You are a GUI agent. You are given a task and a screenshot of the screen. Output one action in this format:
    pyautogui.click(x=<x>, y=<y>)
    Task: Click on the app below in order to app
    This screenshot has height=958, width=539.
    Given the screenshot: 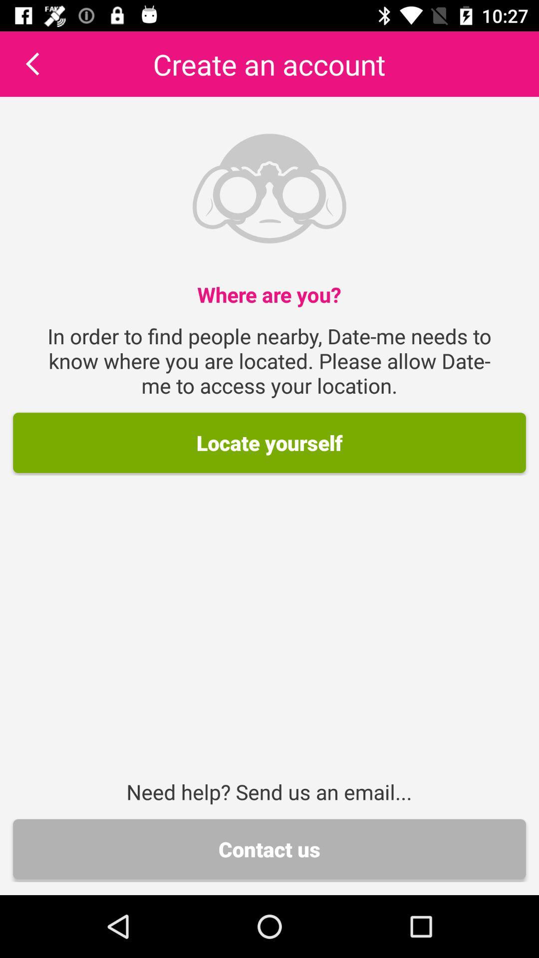 What is the action you would take?
    pyautogui.click(x=269, y=442)
    